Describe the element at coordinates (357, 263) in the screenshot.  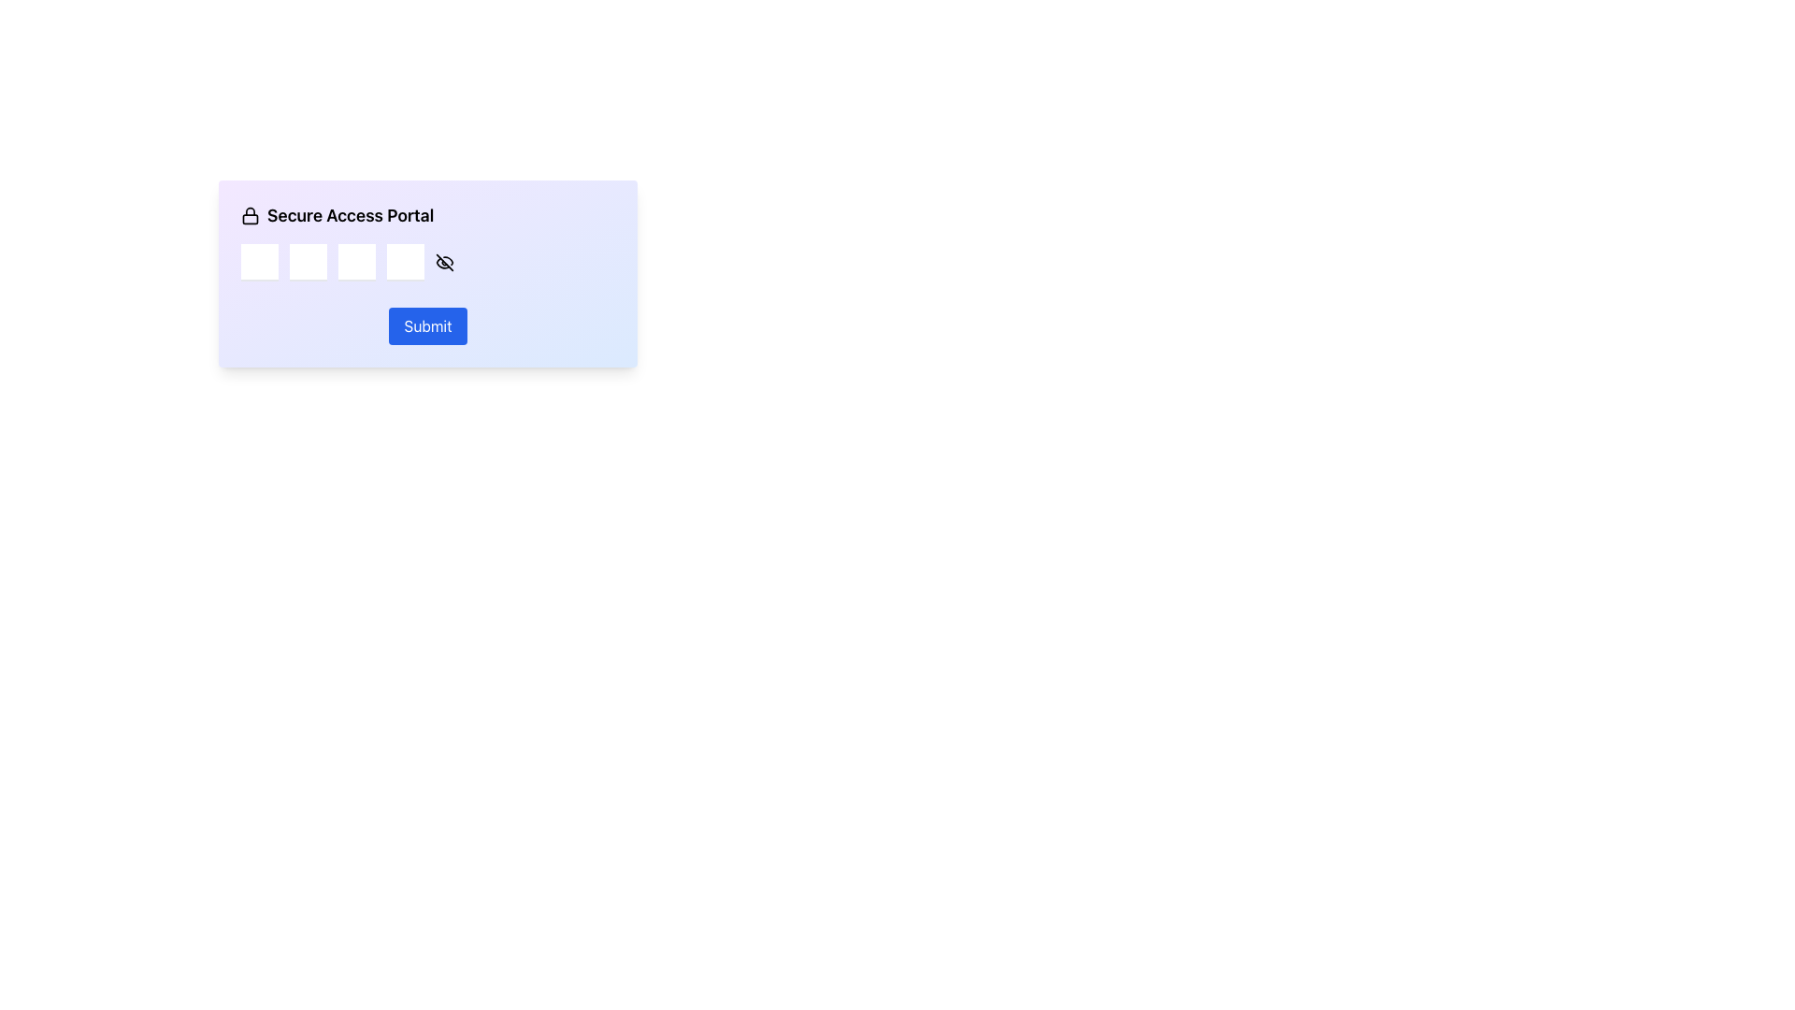
I see `to focus the third input field in a row of four similar fields, which is styled with a border at the bottom and currently empty` at that location.